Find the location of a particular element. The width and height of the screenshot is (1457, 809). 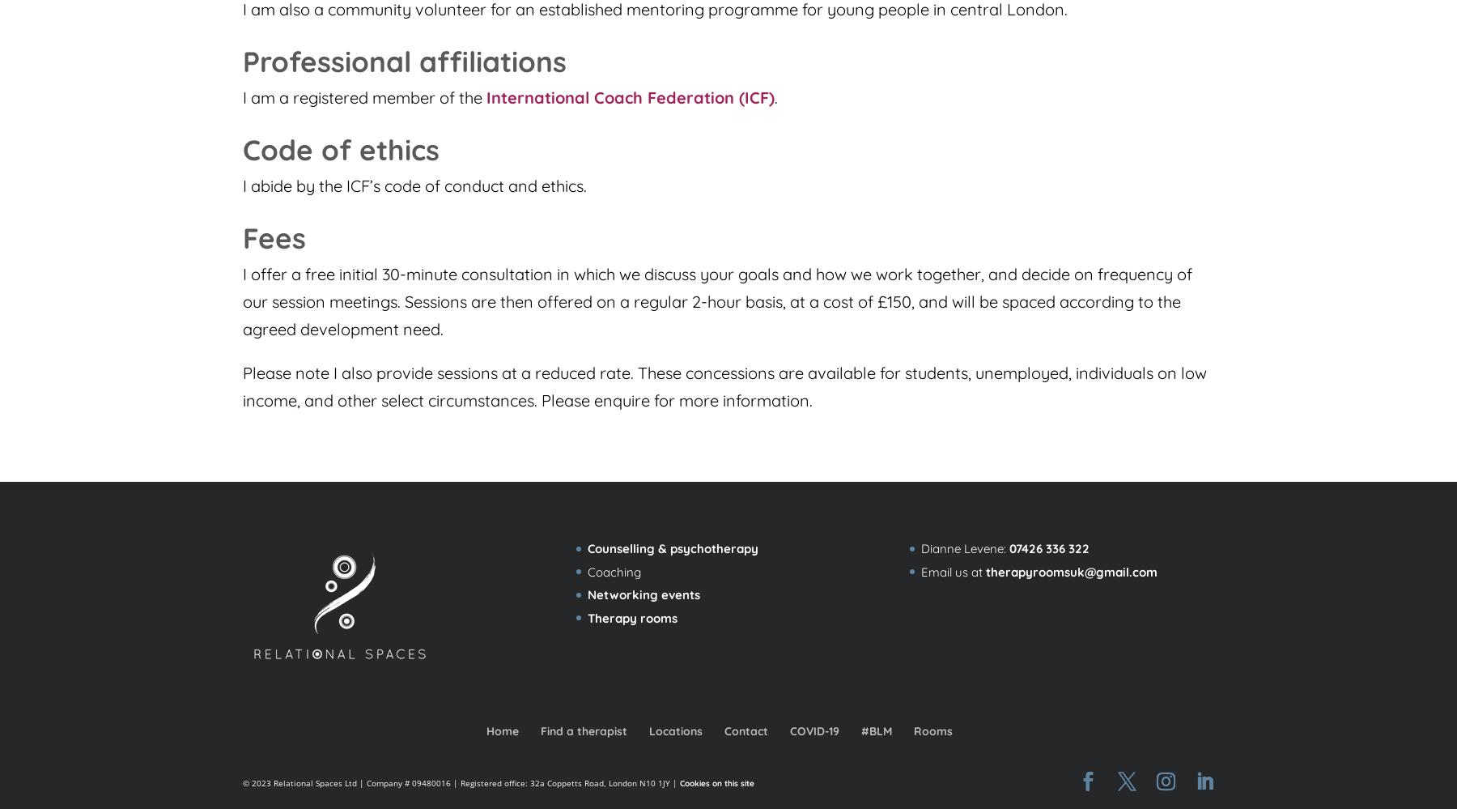

'Therapy rooms' is located at coordinates (631, 616).